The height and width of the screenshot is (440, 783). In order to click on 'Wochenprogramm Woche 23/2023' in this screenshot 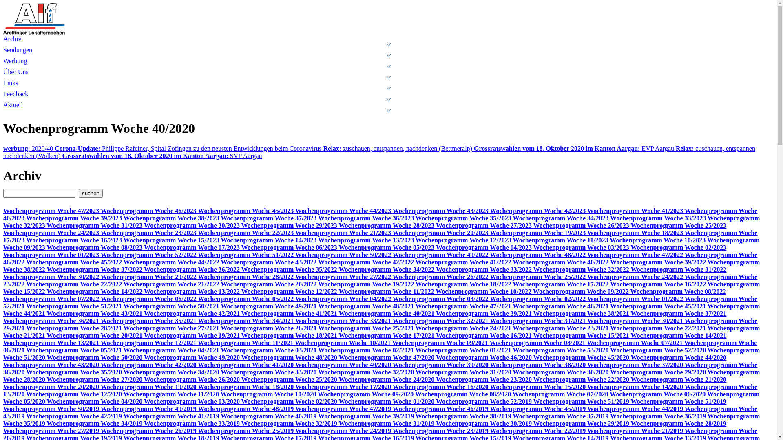, I will do `click(149, 233)`.